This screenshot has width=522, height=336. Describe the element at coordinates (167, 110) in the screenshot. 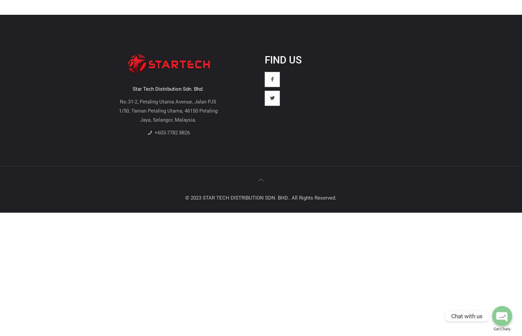

I see `'No.31-2, Petaling Utama Avenue,
Jalan PJS 1/50, Taman Petaling Utama, 46150 Petaling Jaya, Selangor, Malaysia.'` at that location.